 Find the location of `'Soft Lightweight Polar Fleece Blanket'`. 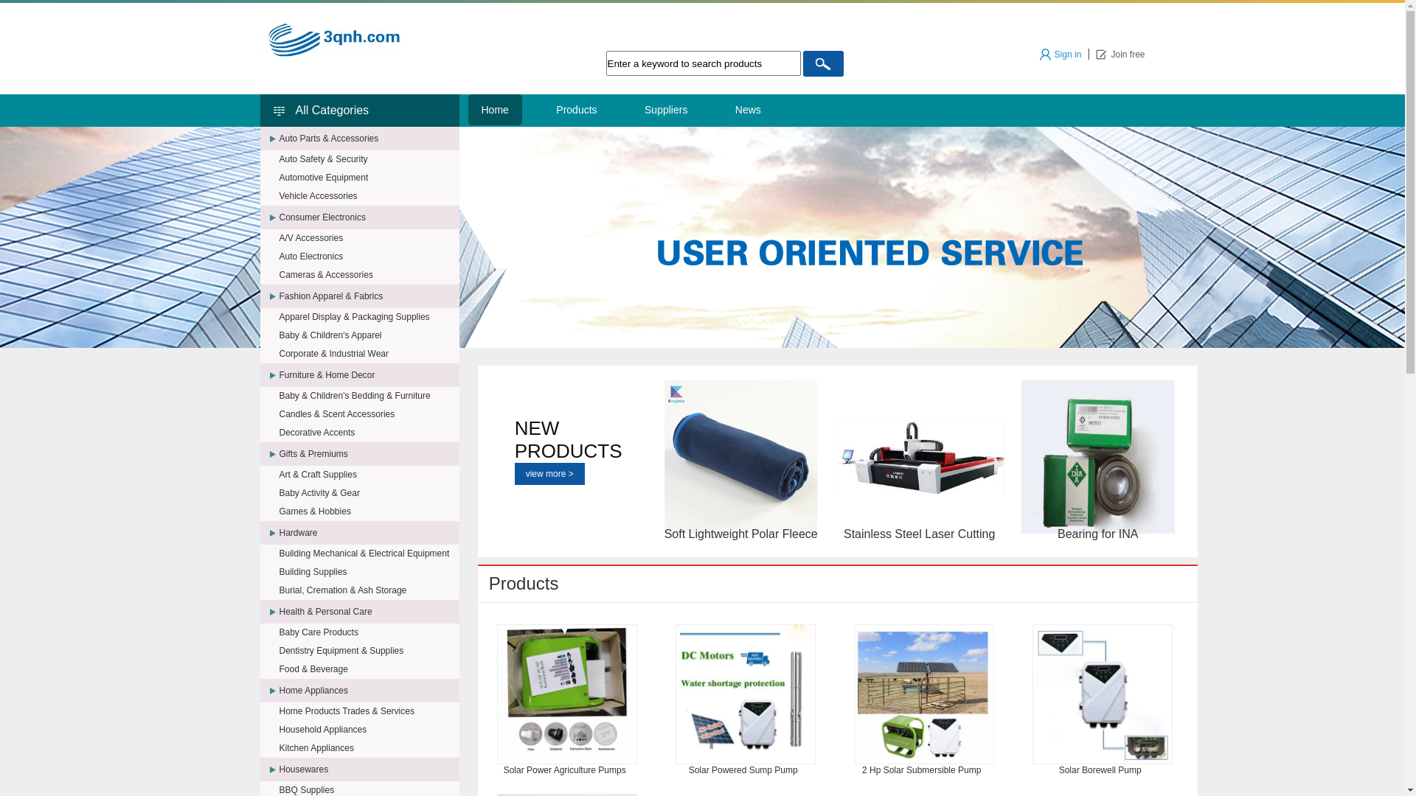

'Soft Lightweight Polar Fleece Blanket' is located at coordinates (740, 456).